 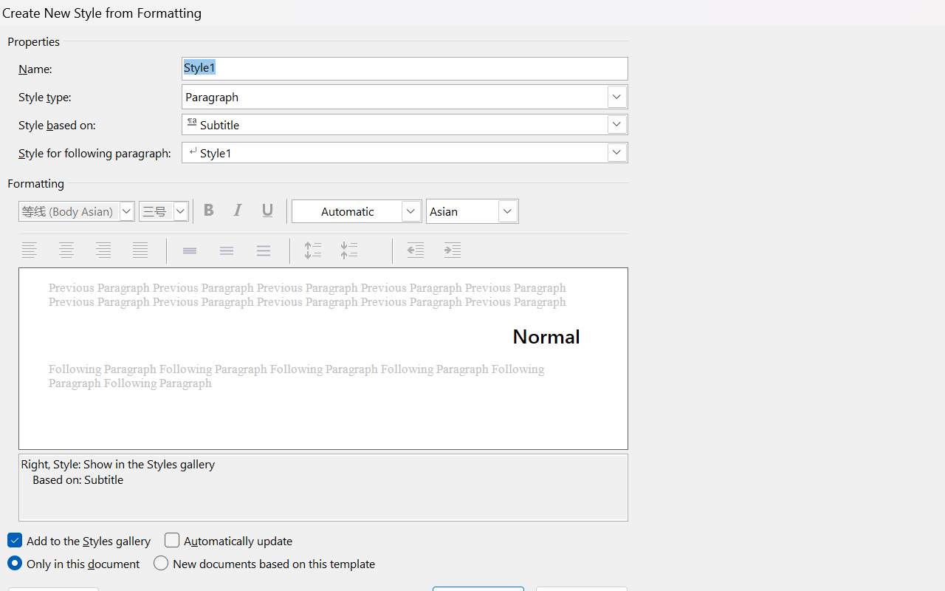 What do you see at coordinates (229, 540) in the screenshot?
I see `'Automatically update'` at bounding box center [229, 540].